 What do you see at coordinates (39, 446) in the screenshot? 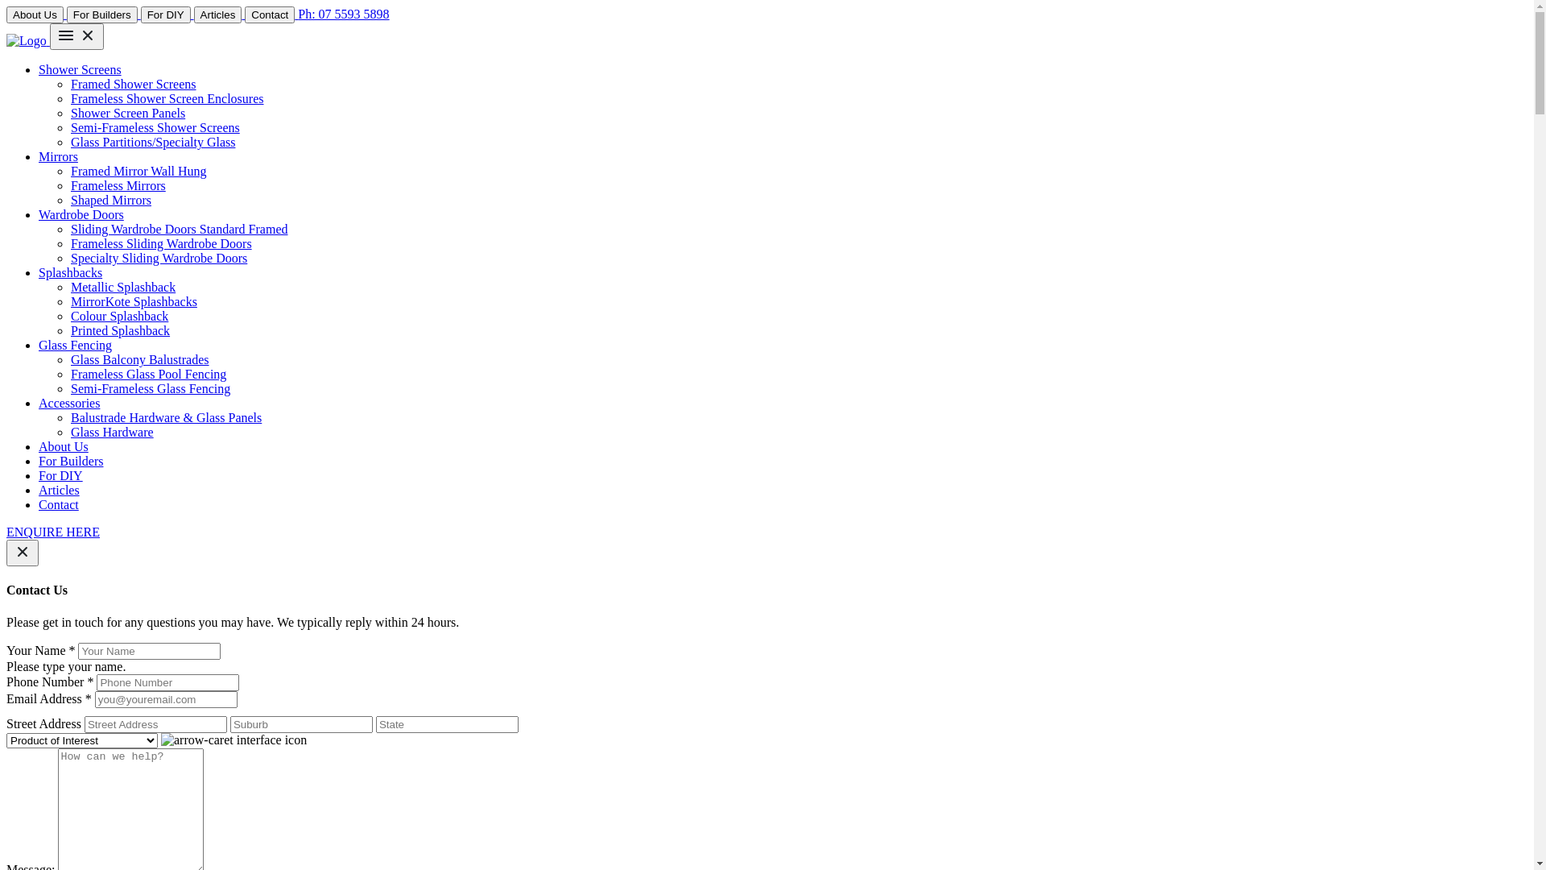
I see `'About Us'` at bounding box center [39, 446].